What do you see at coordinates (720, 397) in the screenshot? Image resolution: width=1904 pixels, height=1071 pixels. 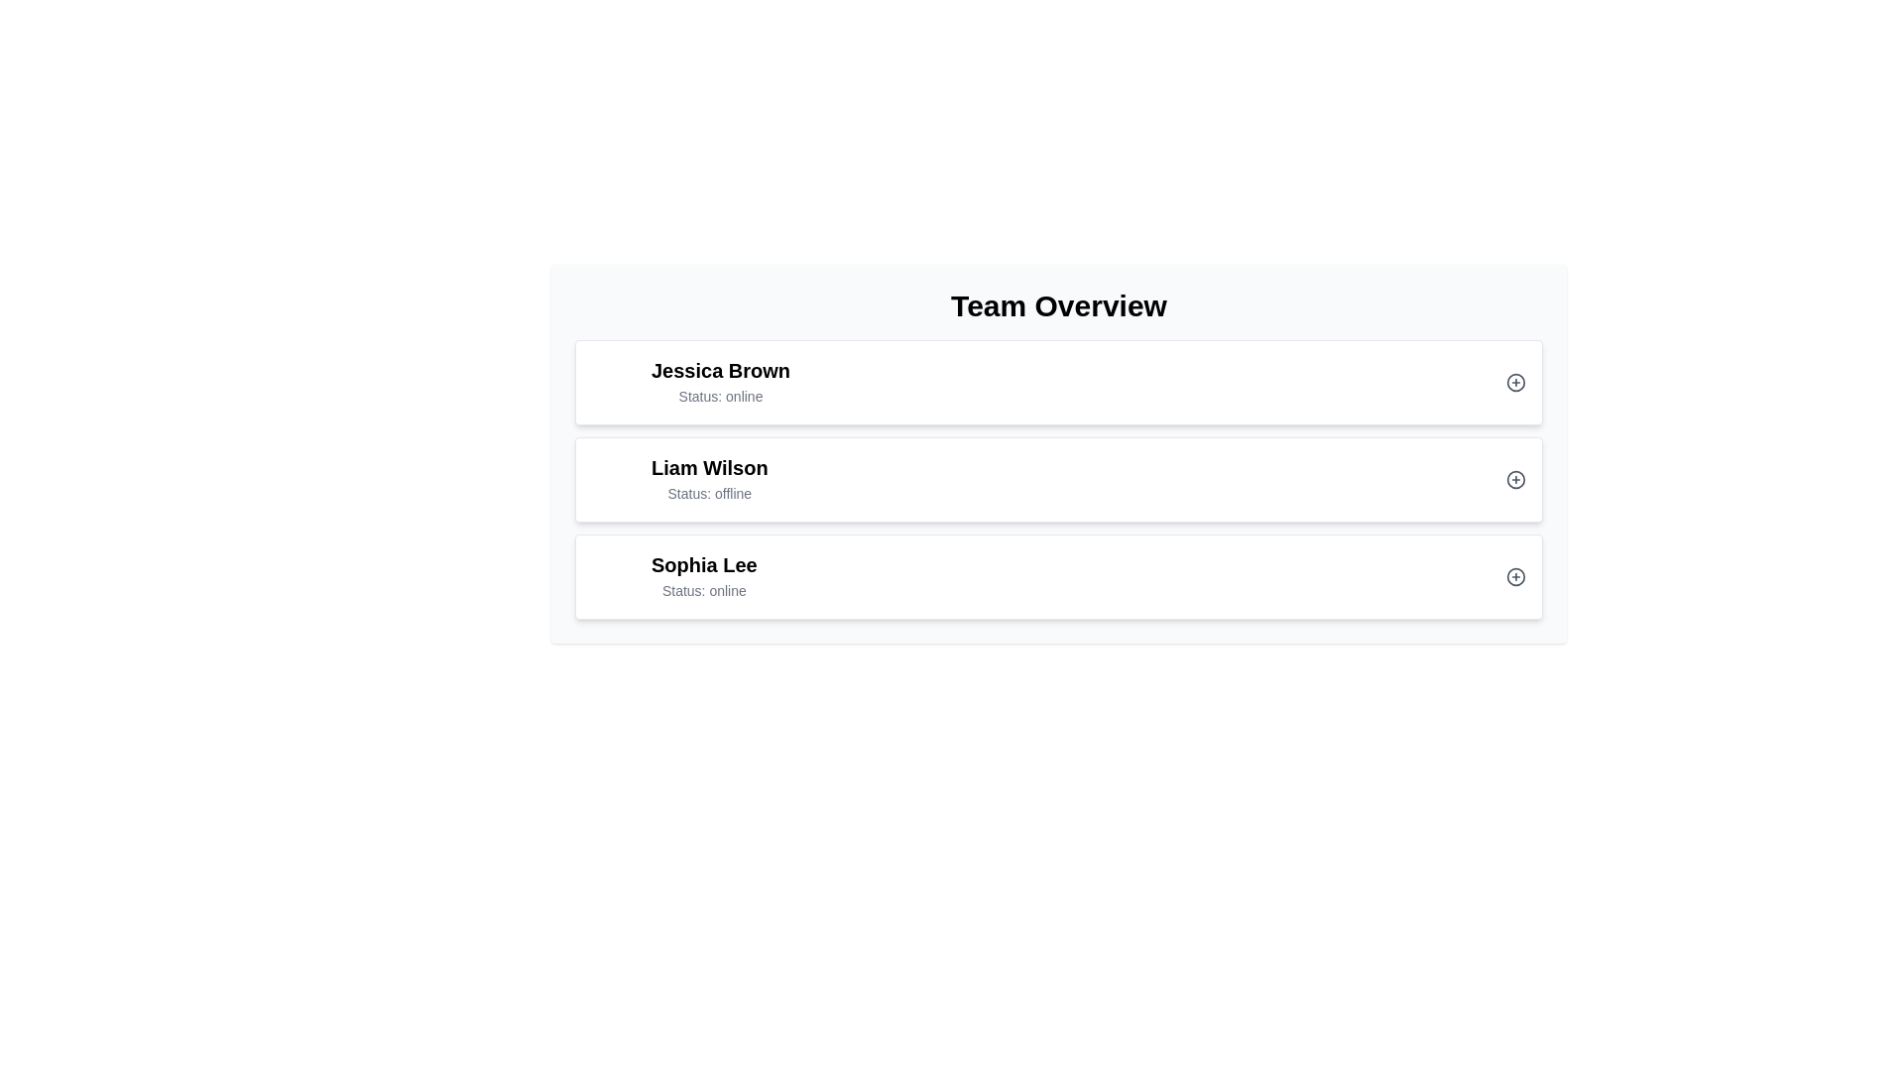 I see `the text label indicating the online status of 'Jessica Brown', which is located below her name in the top card of the vertical stack` at bounding box center [720, 397].